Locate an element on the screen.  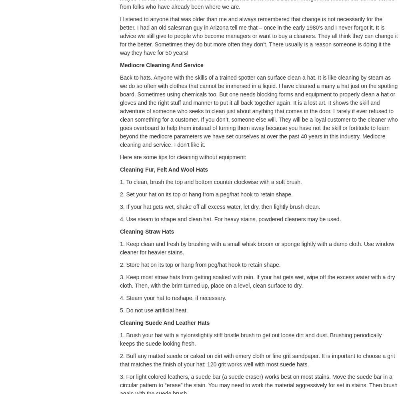
'Back to hats. Anyone with the skills of a trained spotter can surface clean a hat. It is like cleaning by steam as we do so often with clothes that cannot be immersed in a liquid. I have cleaned a many a hat just on the spotting board. Sometimes using chemicals too. But one needs blocking forms and equipment to properly clean a hat or gloves and the right stuff and manner to put it all back together again. It is a lost art. It shows the skill and adventure of someone who seeks to clean just about anything that comes in the door. I rarely if ever refused to clean something for a customer. If you don’t, someone else will. They will be a loyal customer to the cleaner who goes overboard to help them instead of turning them away because you have not the skill or fortitude to learn beyond the mediocre parameters we have set ourselves at over the past 40 years in this industry. Mediocre cleaning and service. I don’t like it.' is located at coordinates (258, 110).